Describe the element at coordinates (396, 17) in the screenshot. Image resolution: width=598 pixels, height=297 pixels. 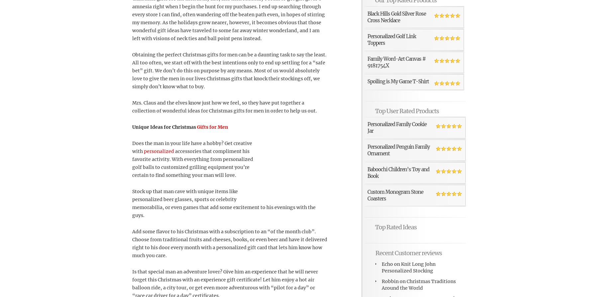
I see `'Black Hills Gold Silver Rose Cross Necklace'` at that location.